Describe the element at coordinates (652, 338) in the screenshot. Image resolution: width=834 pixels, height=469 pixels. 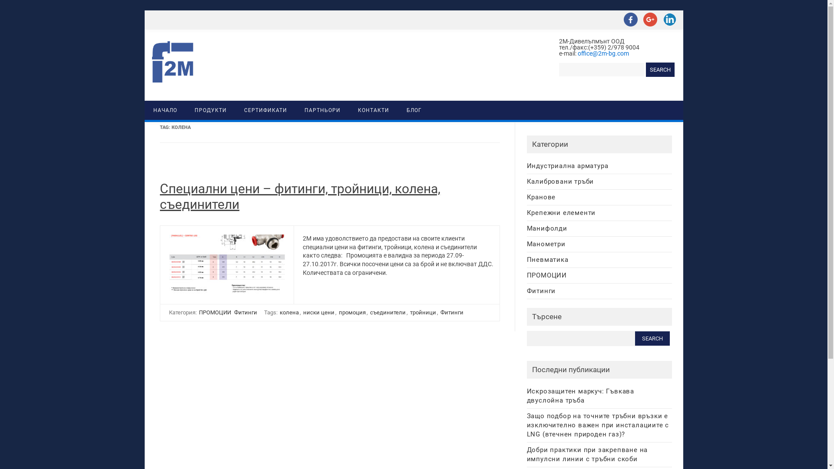
I see `'Search'` at that location.